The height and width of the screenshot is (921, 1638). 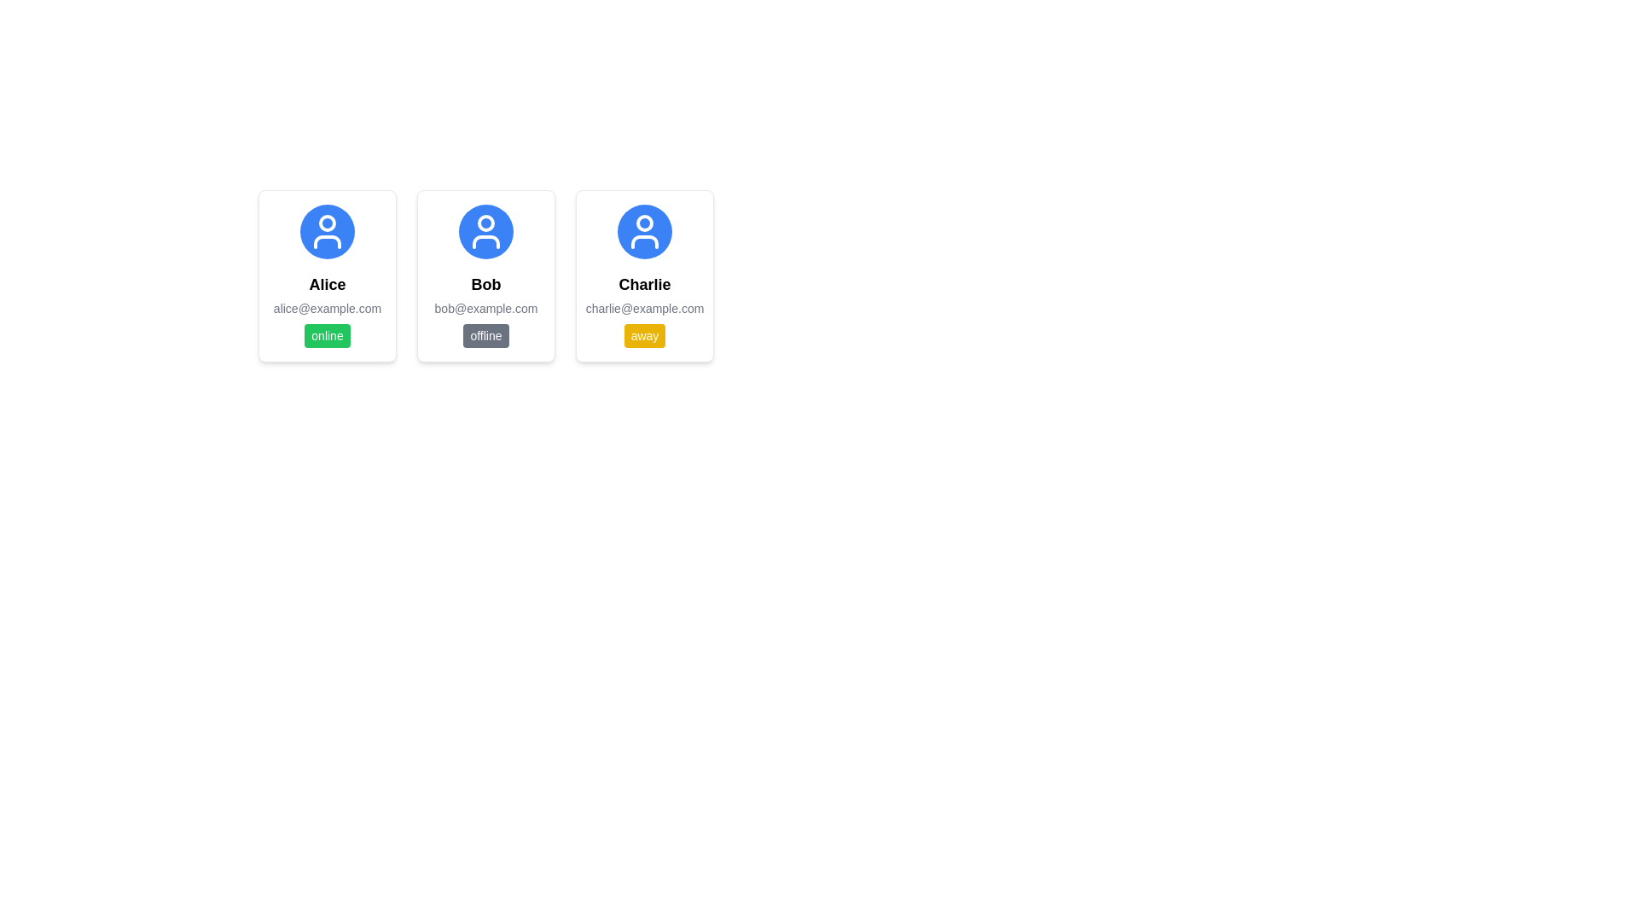 I want to click on the email address label 'bob@example.com' displayed in small gray text within Bob's user card, located below his name and above the status indicator, so click(x=485, y=309).